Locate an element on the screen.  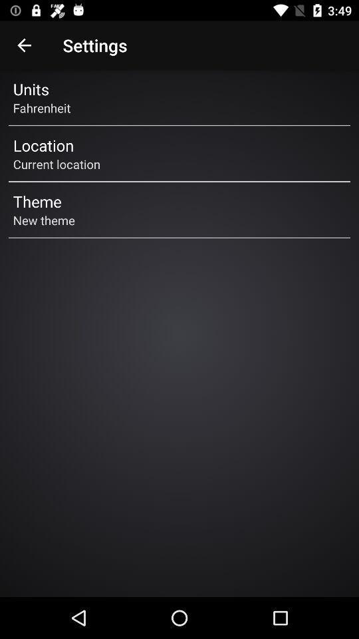
icon next to the settings icon is located at coordinates (24, 45).